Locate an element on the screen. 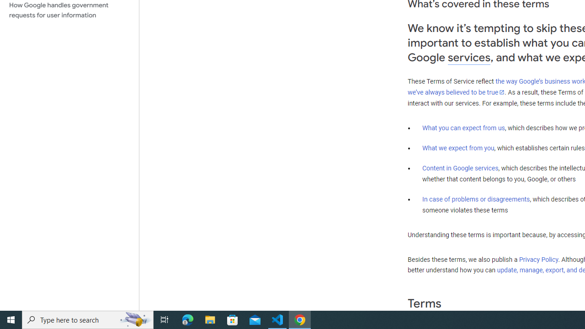 Image resolution: width=585 pixels, height=329 pixels. 'services' is located at coordinates (469, 57).